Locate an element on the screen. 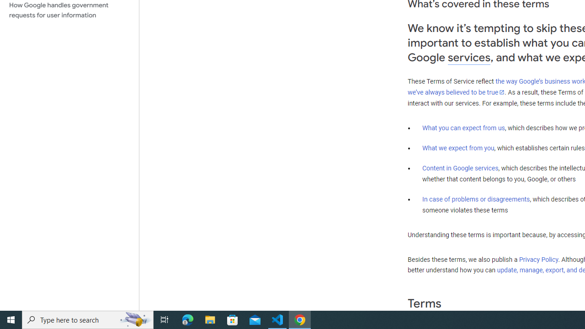 Image resolution: width=585 pixels, height=329 pixels. 'services' is located at coordinates (469, 57).